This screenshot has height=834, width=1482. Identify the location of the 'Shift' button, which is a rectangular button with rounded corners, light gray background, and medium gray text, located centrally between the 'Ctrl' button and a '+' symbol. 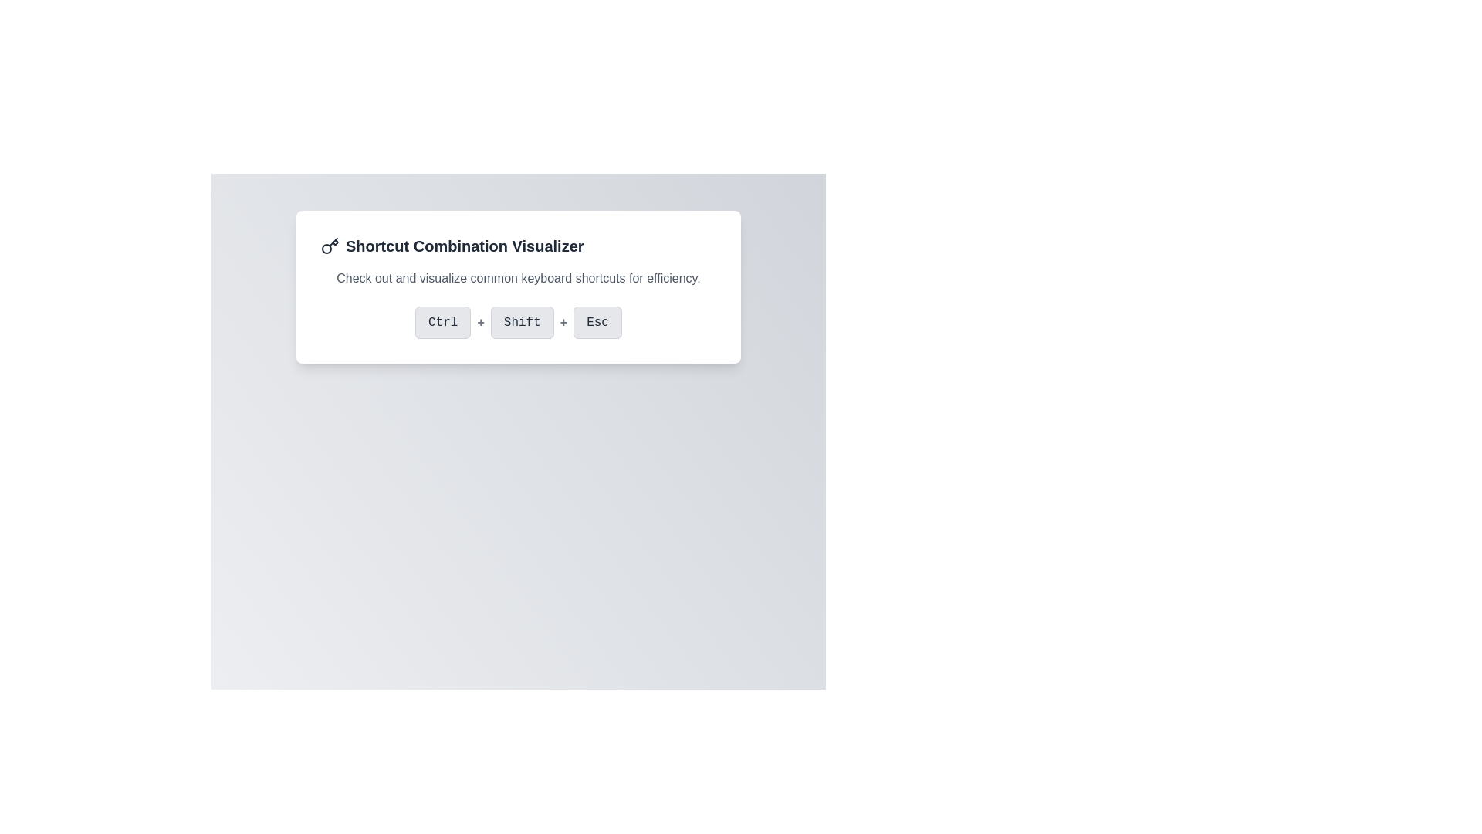
(522, 321).